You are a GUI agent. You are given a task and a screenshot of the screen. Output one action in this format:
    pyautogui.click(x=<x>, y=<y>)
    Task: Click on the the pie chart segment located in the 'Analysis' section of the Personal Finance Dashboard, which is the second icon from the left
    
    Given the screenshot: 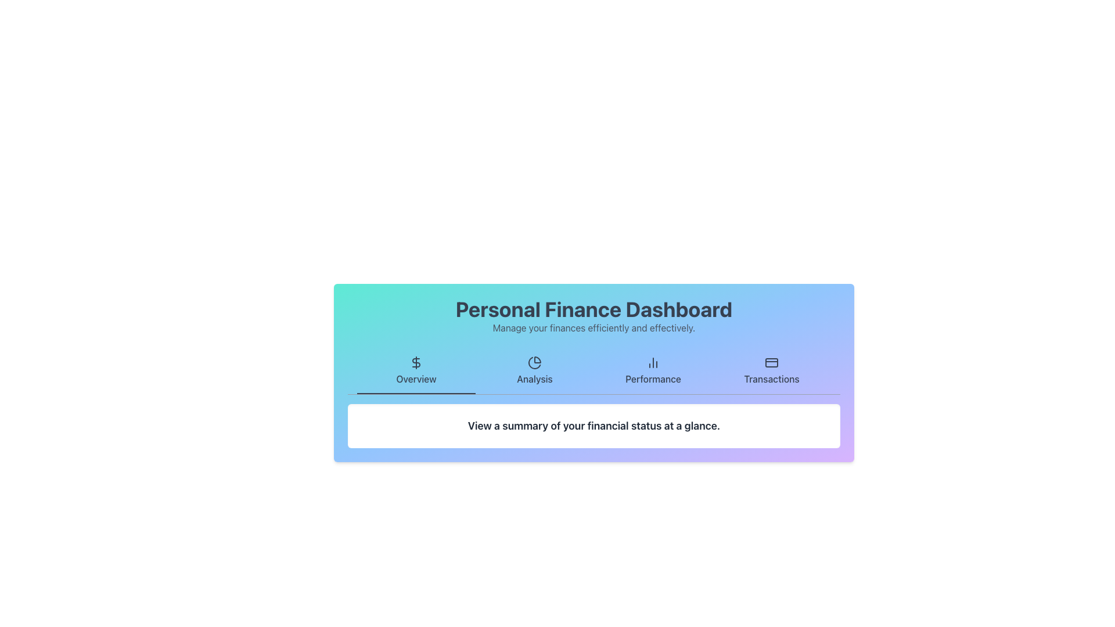 What is the action you would take?
    pyautogui.click(x=534, y=362)
    